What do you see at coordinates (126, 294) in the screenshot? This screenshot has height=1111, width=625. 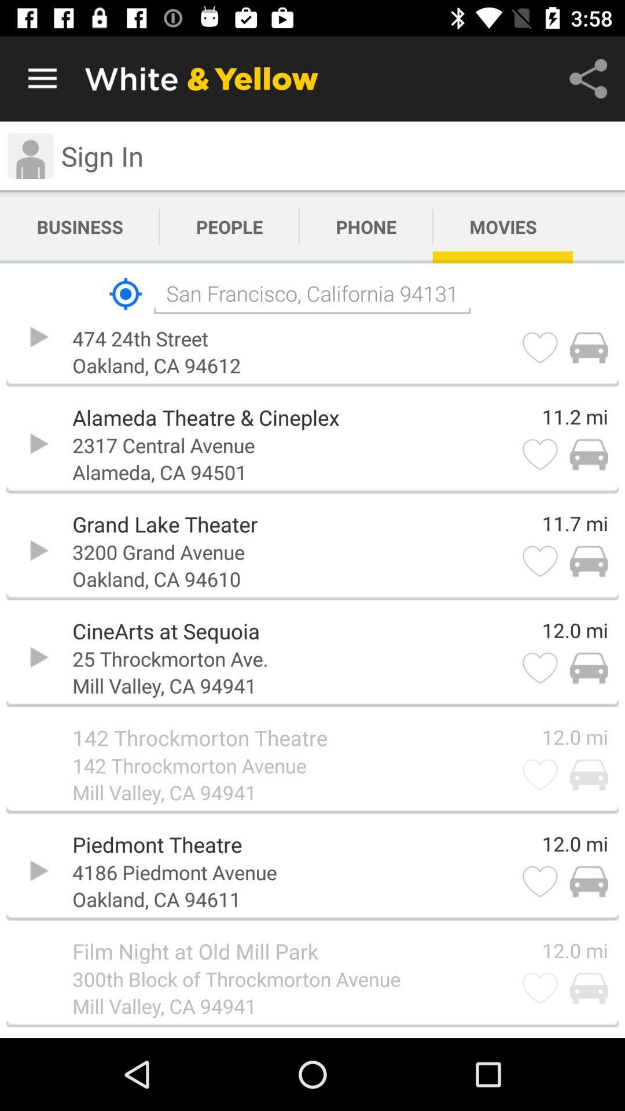 I see `the icon above the new parkway icon` at bounding box center [126, 294].